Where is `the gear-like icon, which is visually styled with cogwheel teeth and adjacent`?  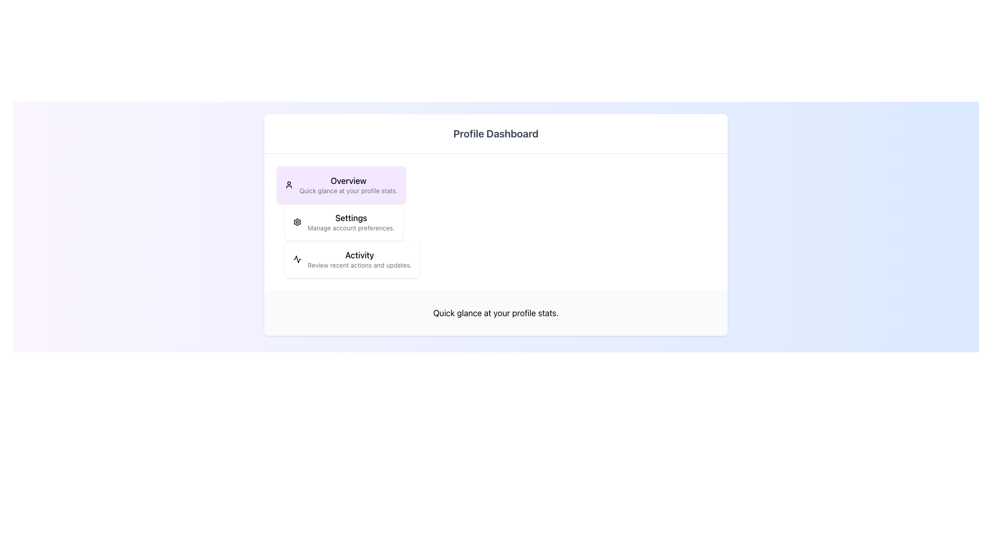 the gear-like icon, which is visually styled with cogwheel teeth and adjacent is located at coordinates (297, 221).